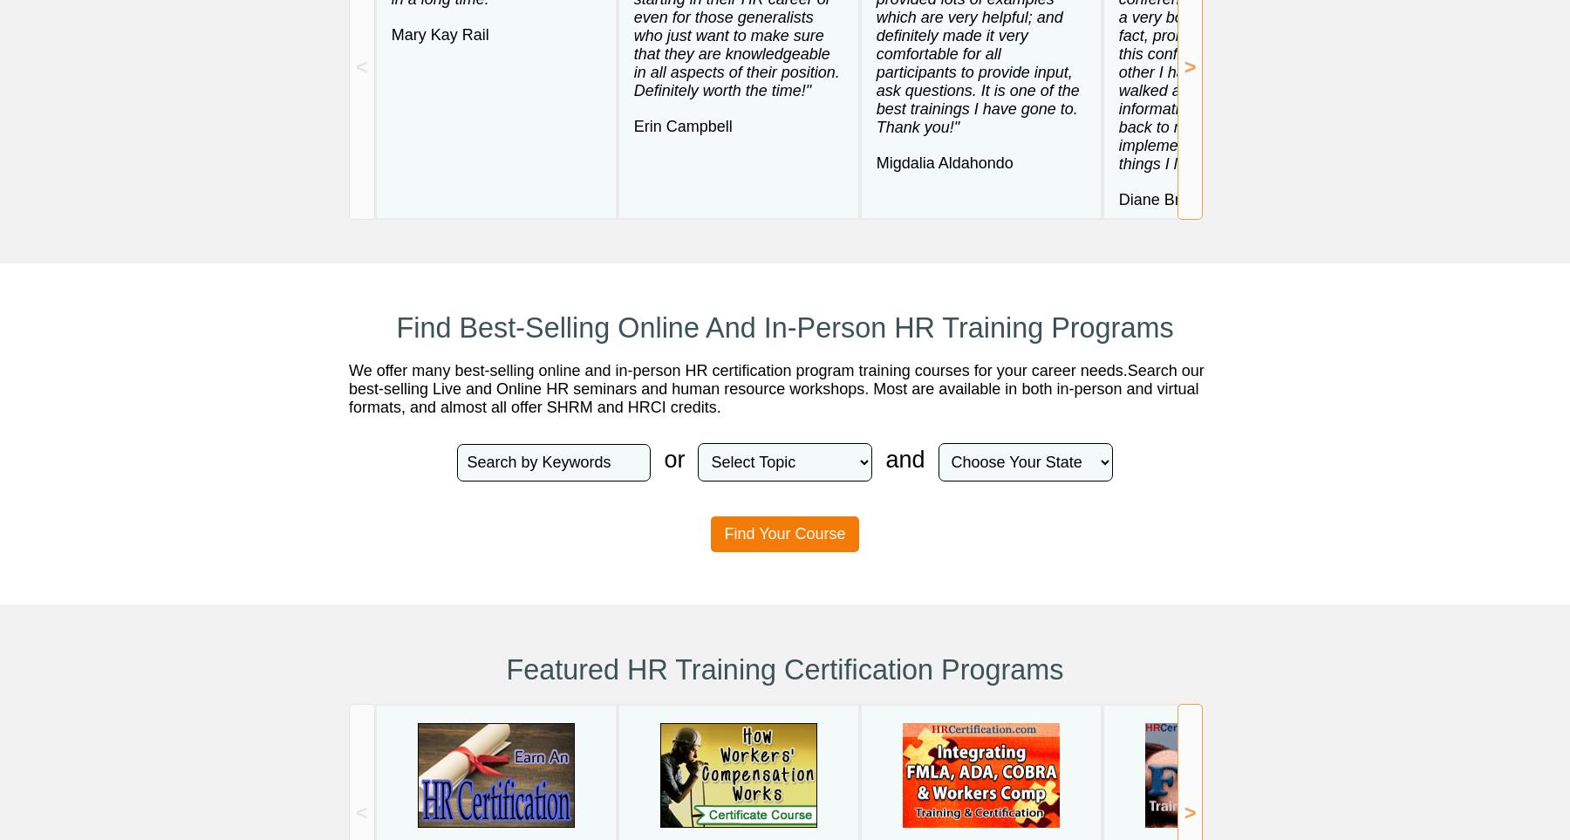 This screenshot has height=840, width=1570. Describe the element at coordinates (672, 458) in the screenshot. I see `'or'` at that location.